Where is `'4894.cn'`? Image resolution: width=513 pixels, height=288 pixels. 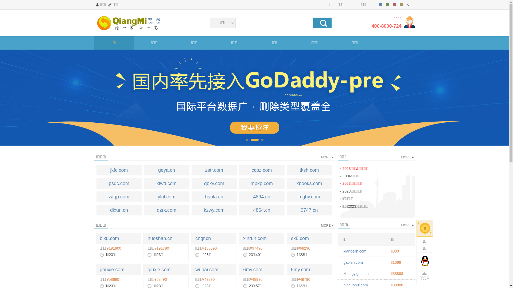 '4894.cn' is located at coordinates (262, 197).